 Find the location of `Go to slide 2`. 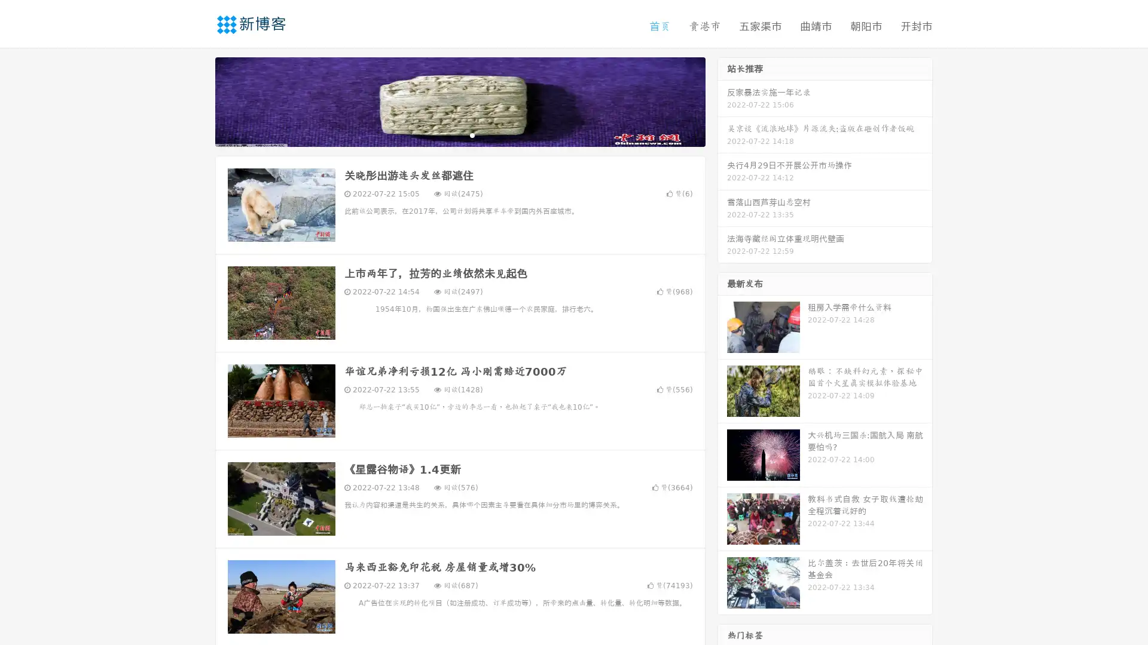

Go to slide 2 is located at coordinates (459, 134).